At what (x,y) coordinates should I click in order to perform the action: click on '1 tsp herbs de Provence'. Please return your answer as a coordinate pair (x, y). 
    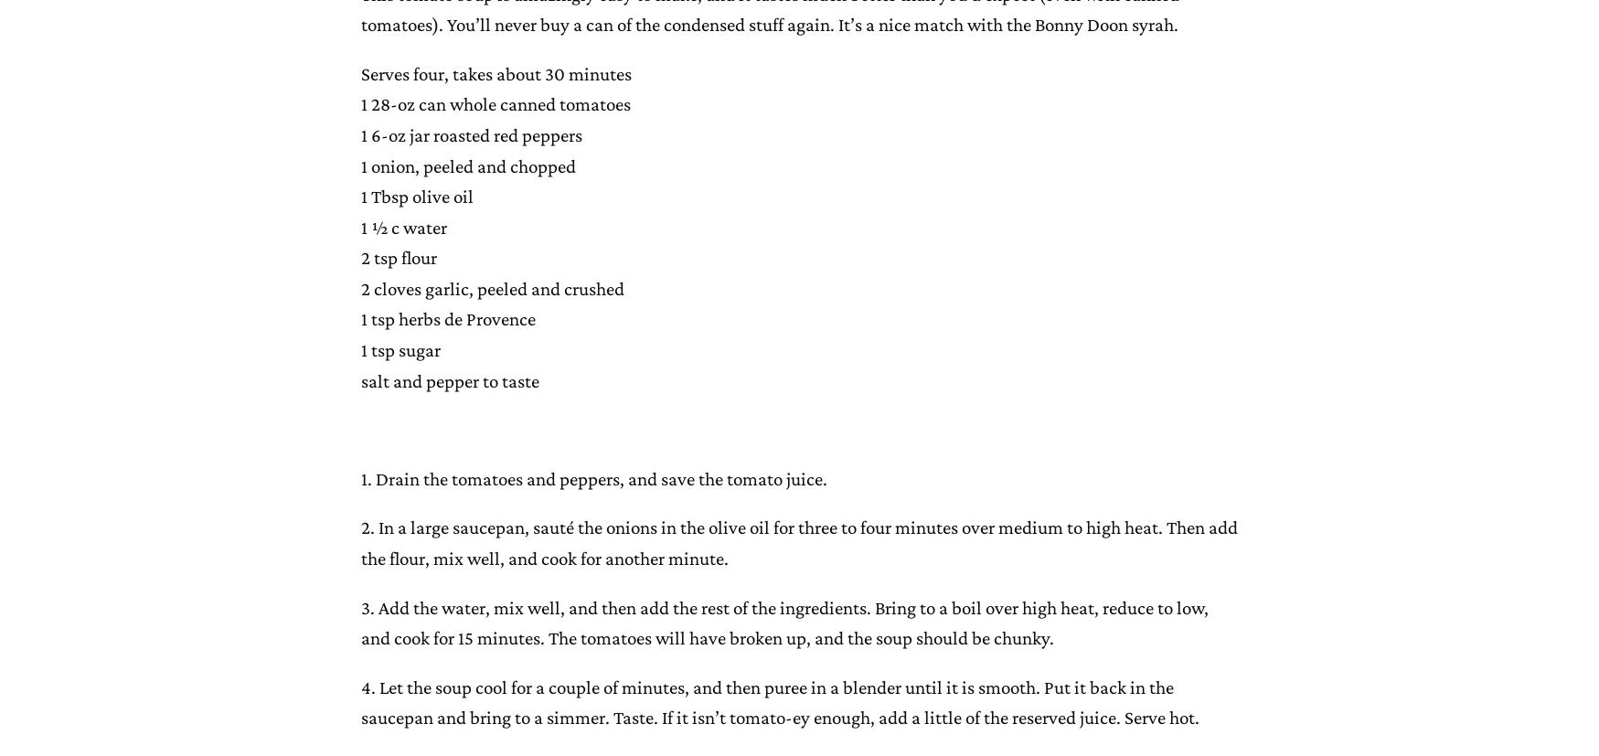
    Looking at the image, I should click on (360, 318).